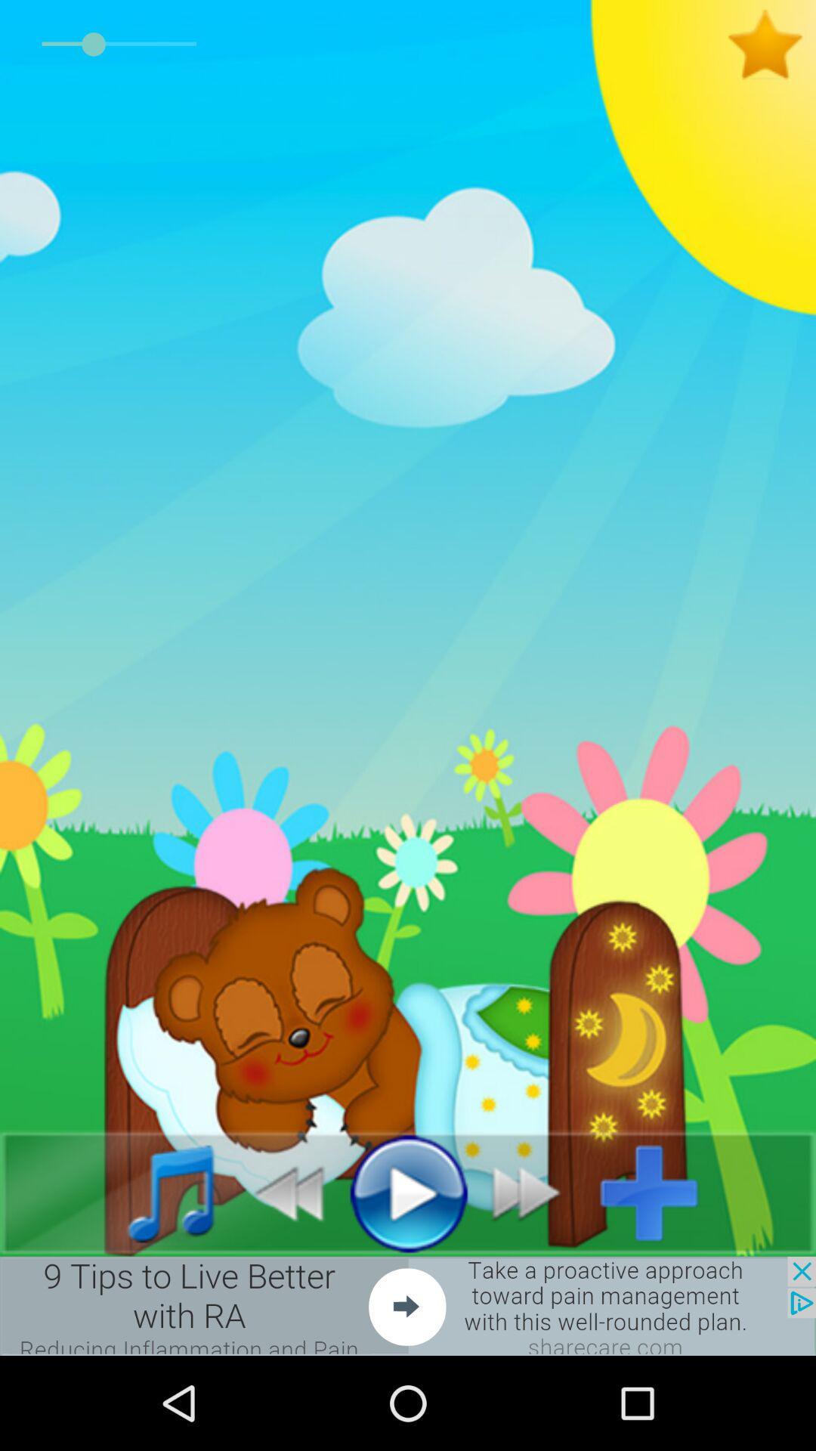 The image size is (816, 1451). Describe the element at coordinates (771, 45) in the screenshot. I see `the star icon` at that location.